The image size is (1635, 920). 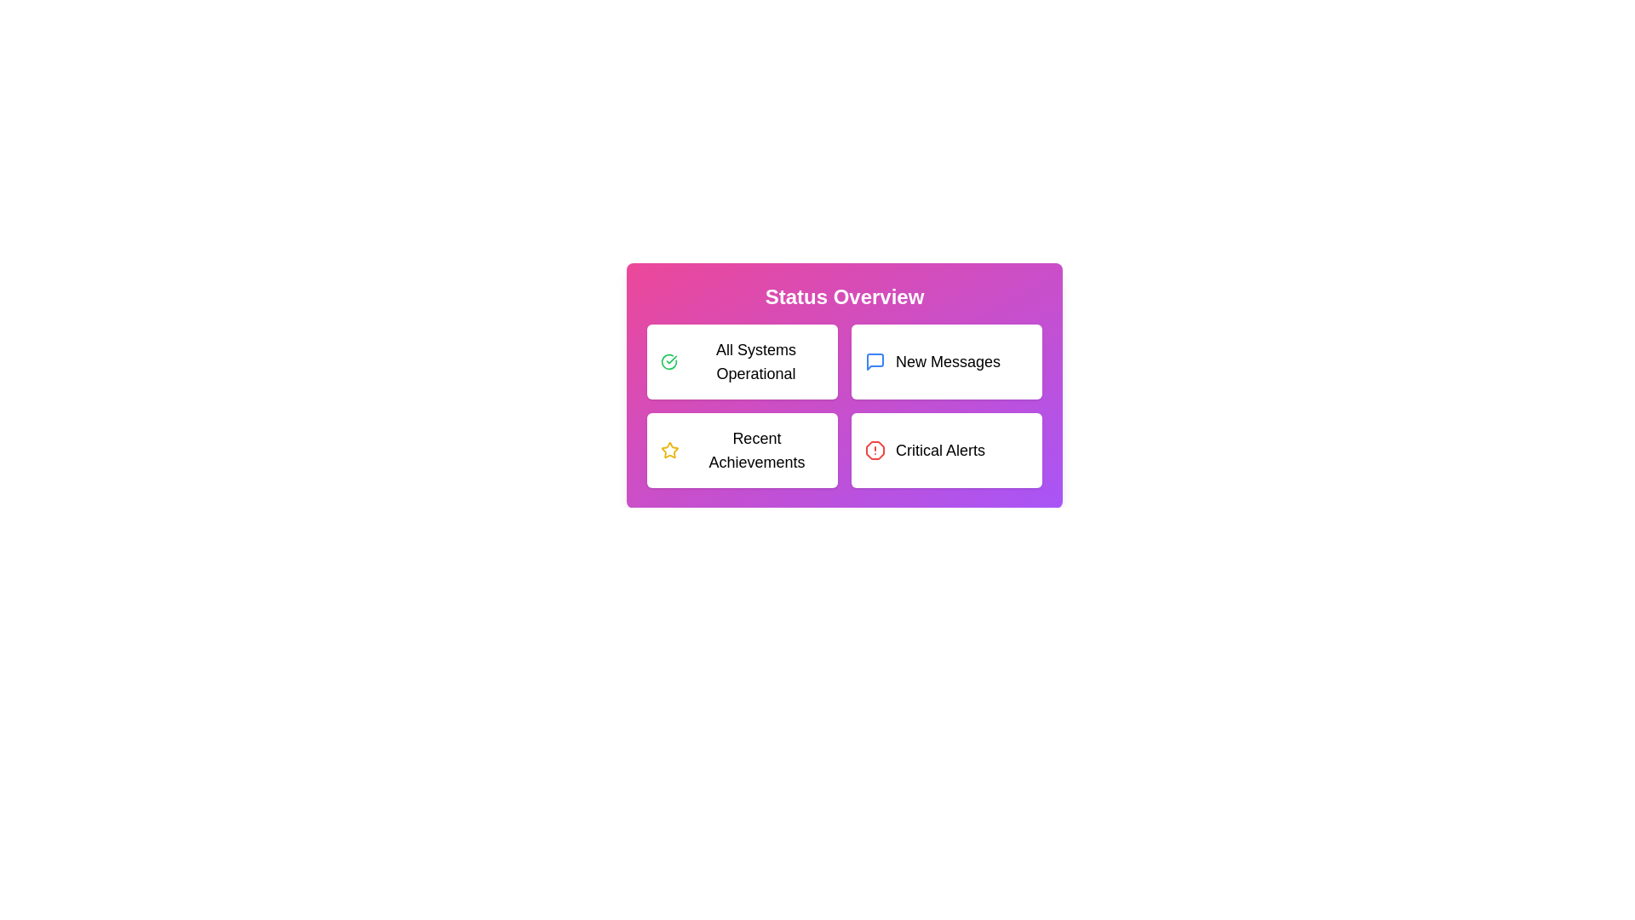 What do you see at coordinates (668, 360) in the screenshot?
I see `the circular confirmation icon with a green border and checkmark located in the top-left card of the 'Status Overview' section, to the left of the text 'All Systems Operational'` at bounding box center [668, 360].